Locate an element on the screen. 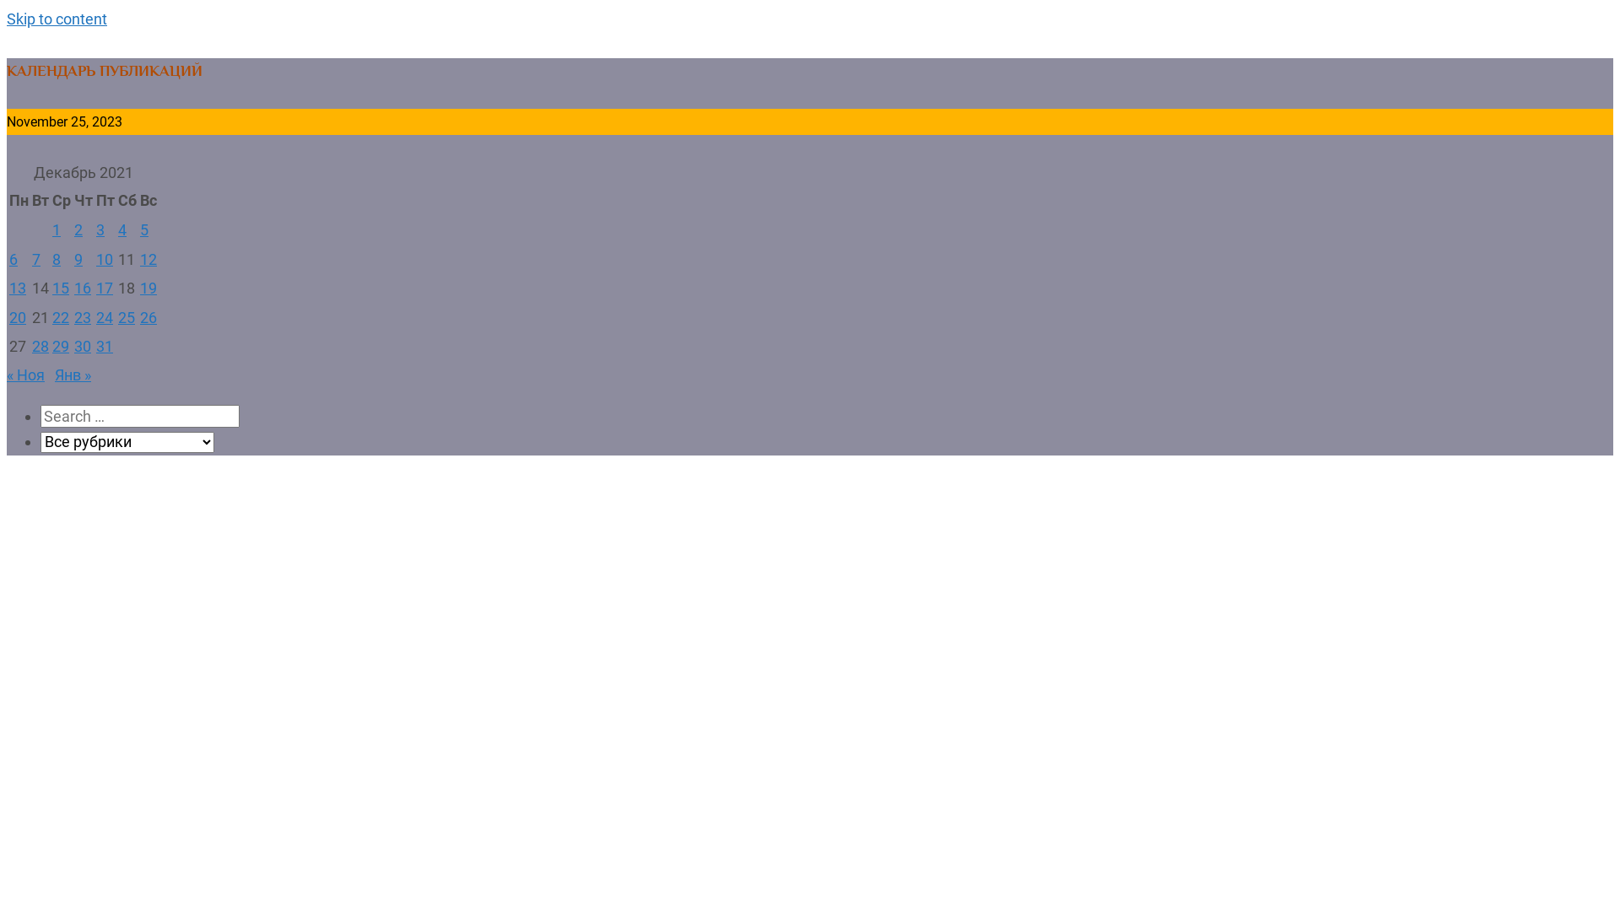 This screenshot has width=1620, height=911. '2' is located at coordinates (77, 229).